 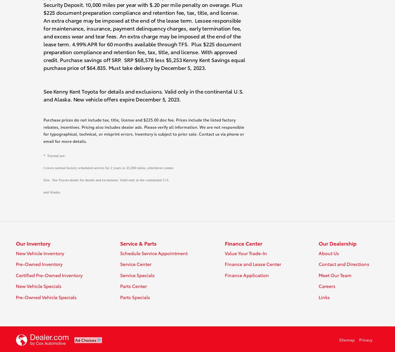 I want to click on 'Schedule Service Appointment', so click(x=153, y=253).